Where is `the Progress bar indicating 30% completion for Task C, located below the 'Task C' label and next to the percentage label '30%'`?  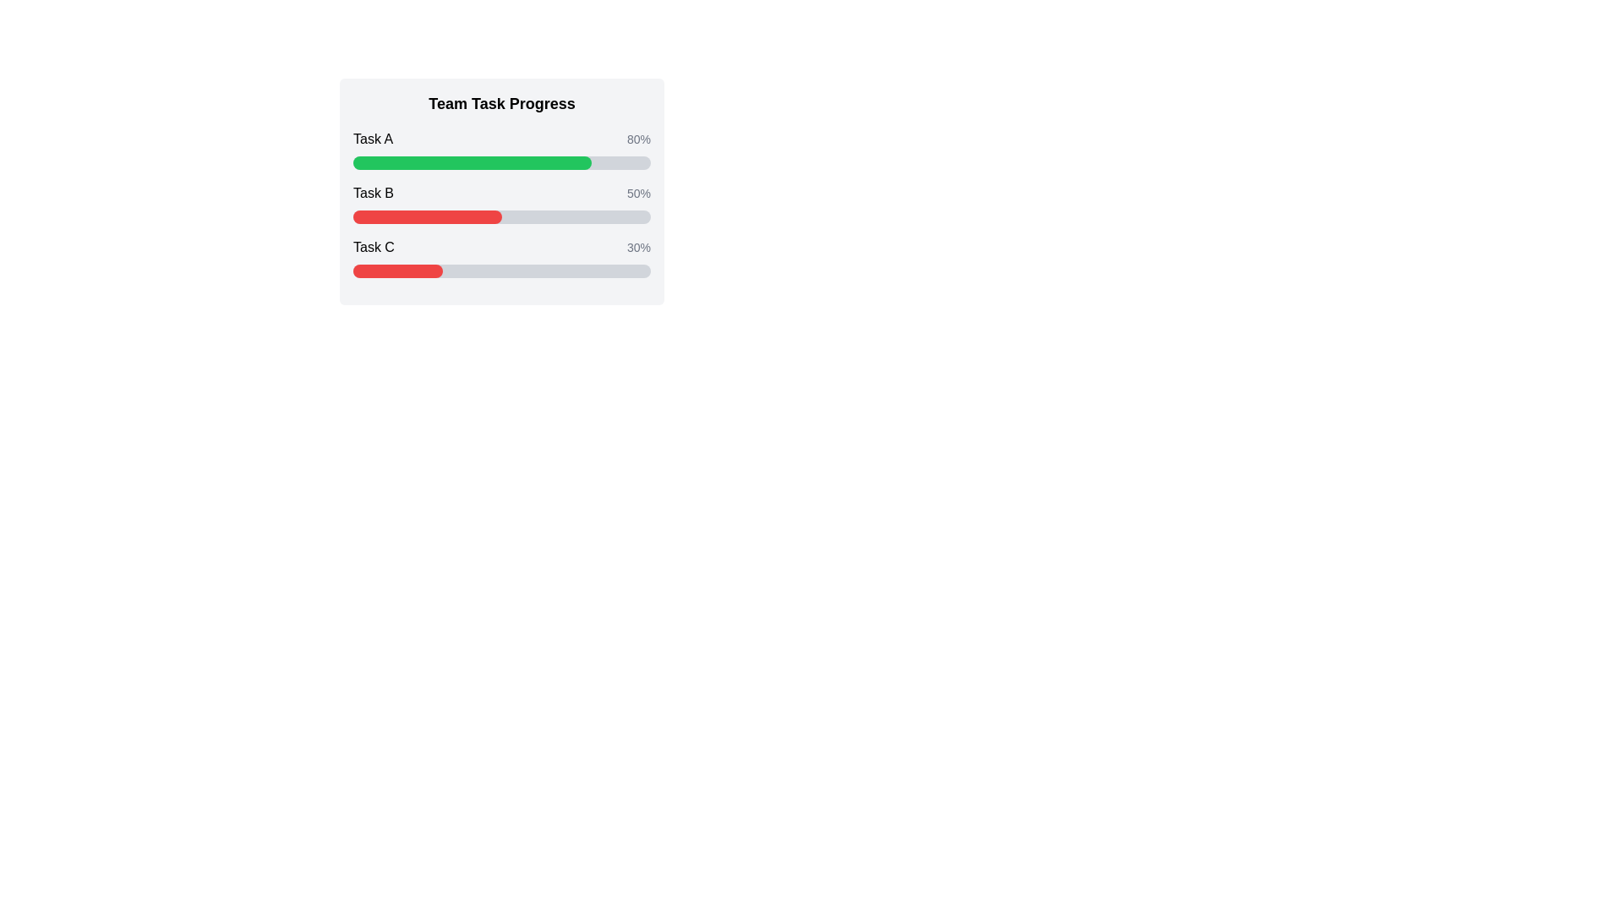
the Progress bar indicating 30% completion for Task C, located below the 'Task C' label and next to the percentage label '30%' is located at coordinates (501, 270).